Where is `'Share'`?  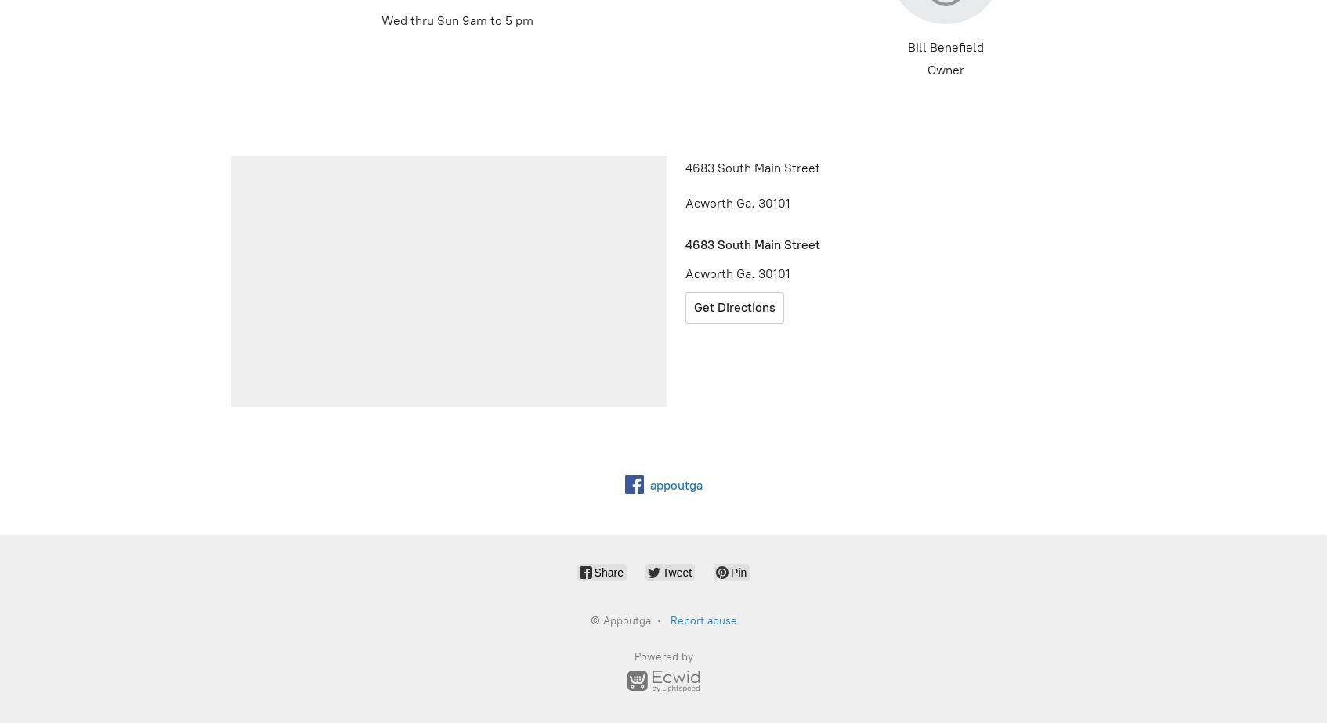 'Share' is located at coordinates (593, 572).